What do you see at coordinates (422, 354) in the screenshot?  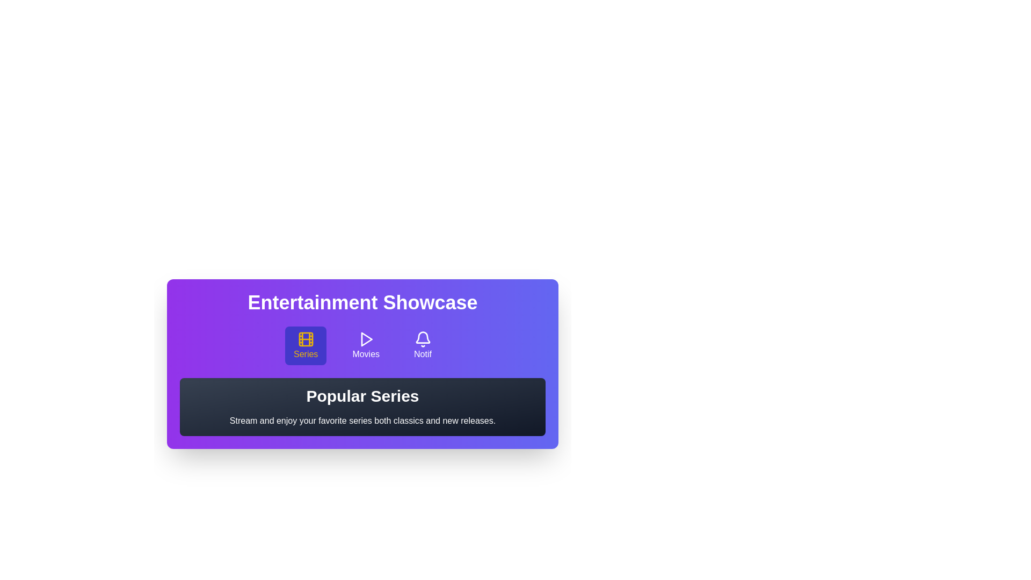 I see `the 'Notif' text label element, which indicates notification-related functionality and is located below a bell icon in a button group` at bounding box center [422, 354].